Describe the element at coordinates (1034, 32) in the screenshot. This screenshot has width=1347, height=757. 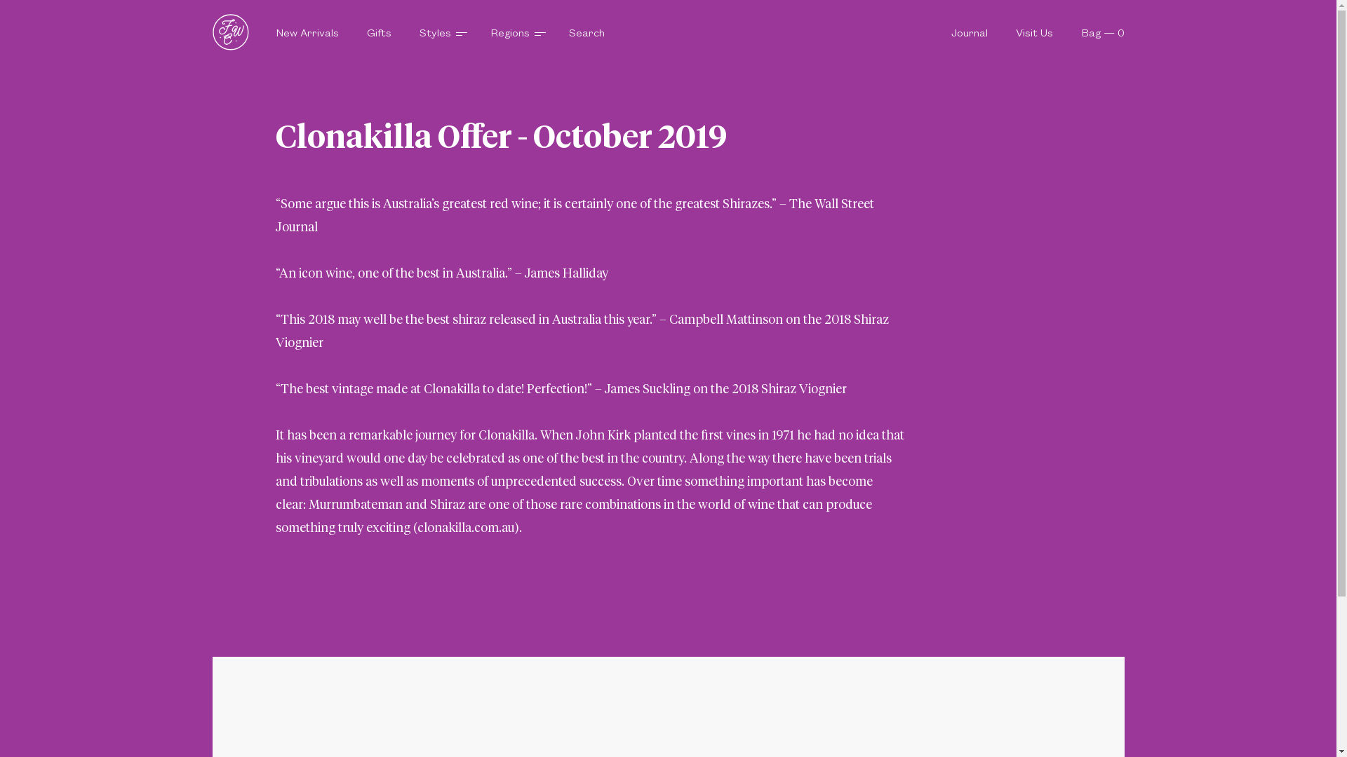
I see `'Visit Us'` at that location.